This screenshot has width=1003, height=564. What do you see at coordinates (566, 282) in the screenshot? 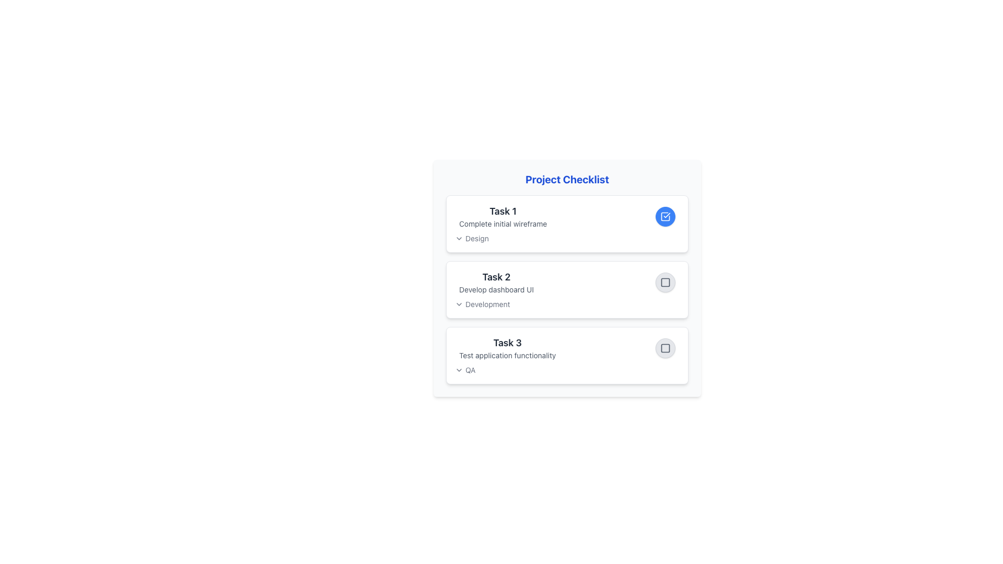
I see `the second task section titled 'Task 2' which has a subtitle 'Develop dashboard UI' and a checkbox` at bounding box center [566, 282].